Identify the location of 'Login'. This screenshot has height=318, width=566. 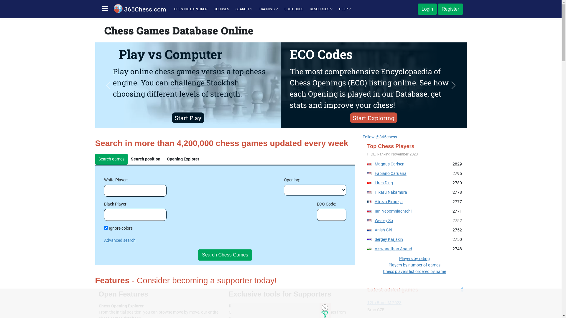
(427, 9).